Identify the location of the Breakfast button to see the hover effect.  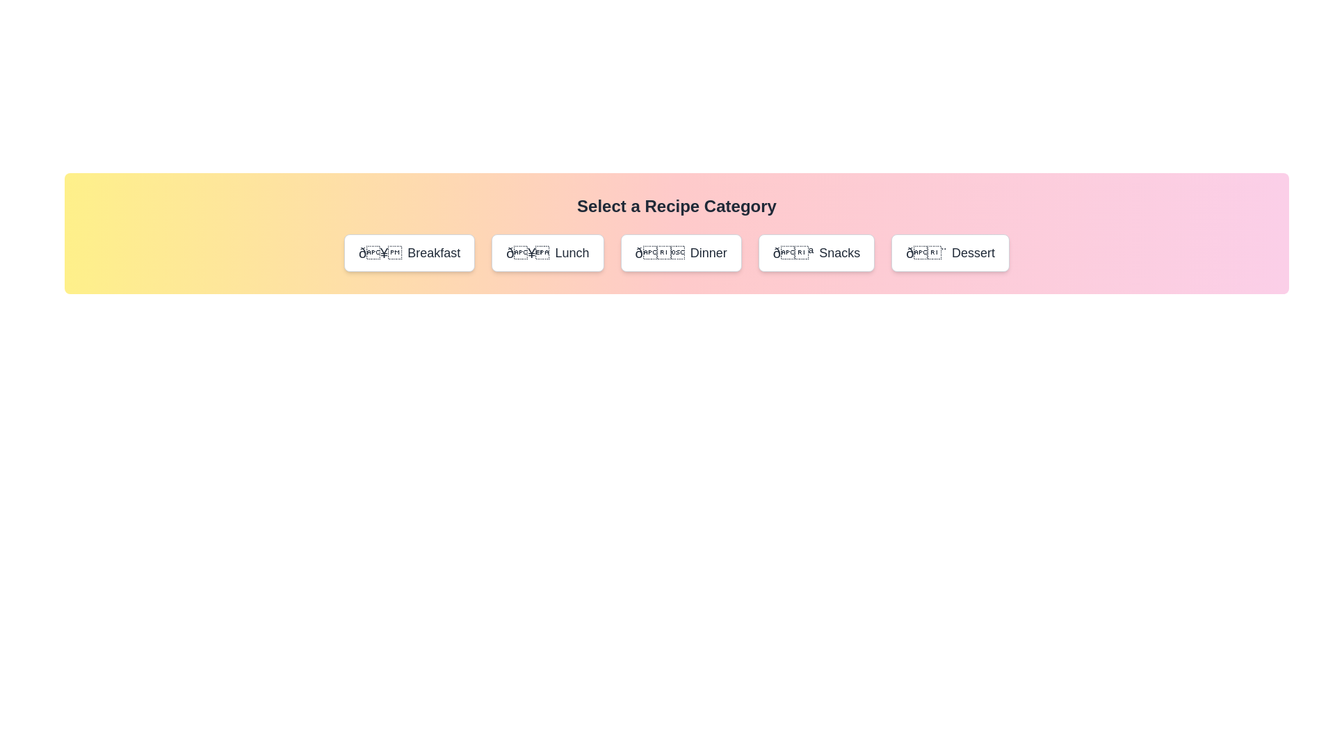
(409, 252).